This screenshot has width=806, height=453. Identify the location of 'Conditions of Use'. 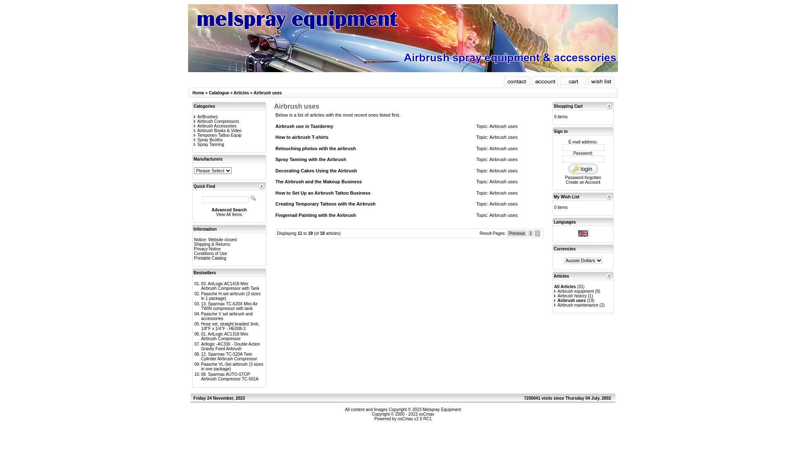
(193, 253).